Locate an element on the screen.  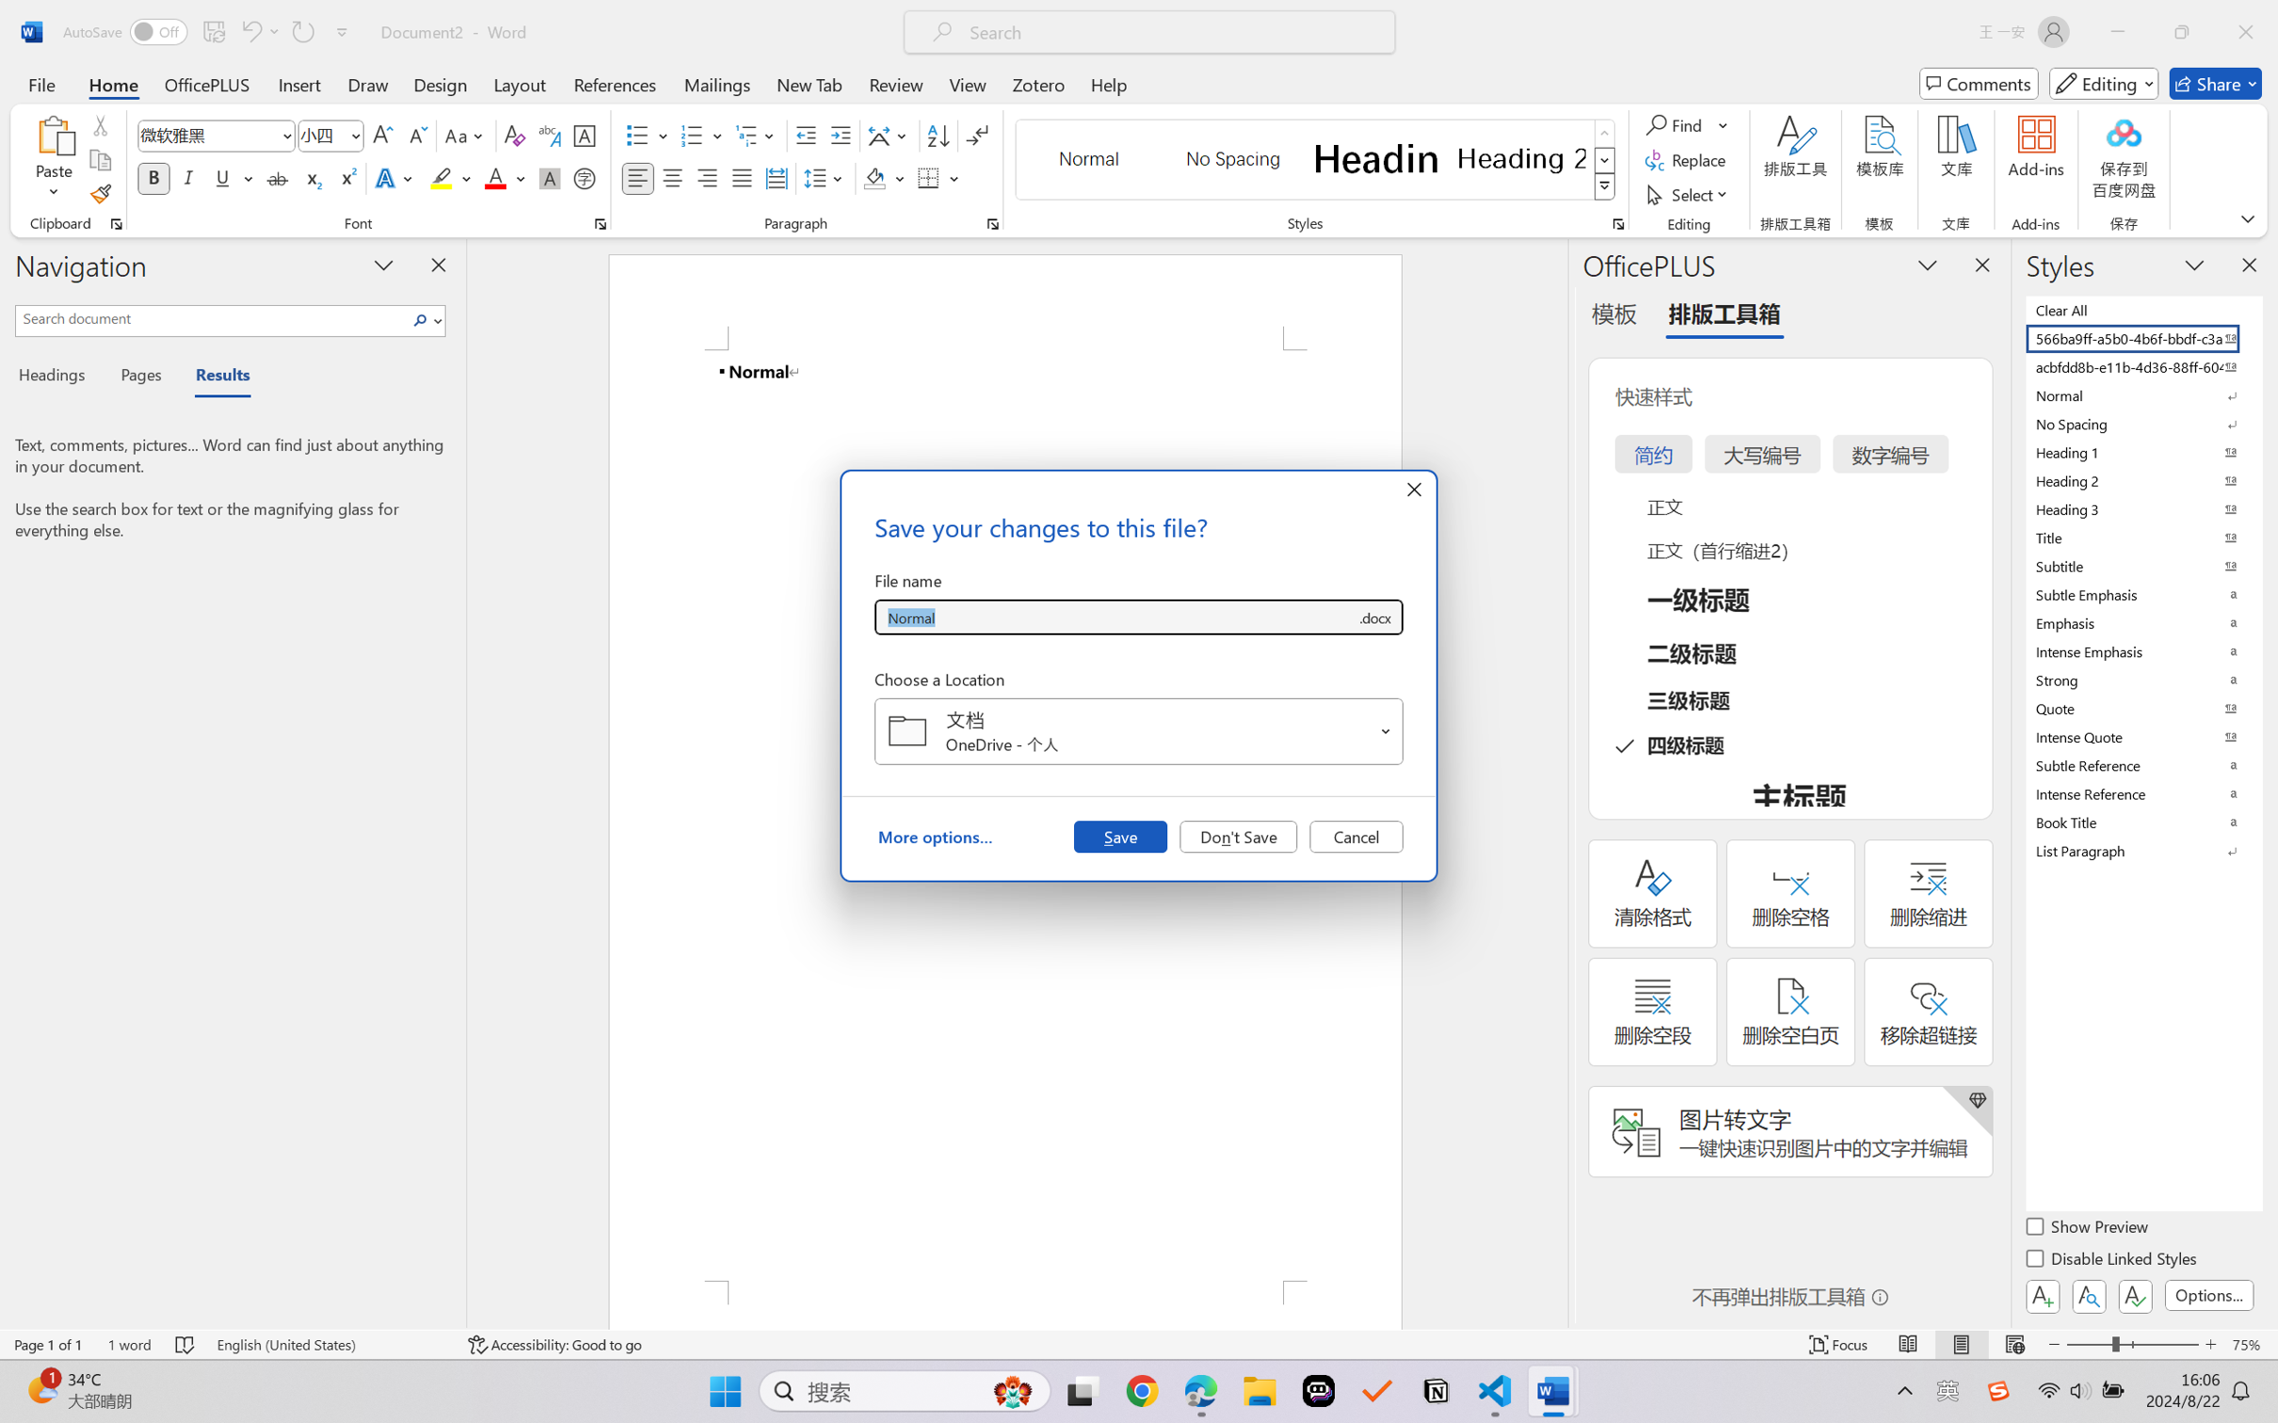
'Title' is located at coordinates (2142, 536).